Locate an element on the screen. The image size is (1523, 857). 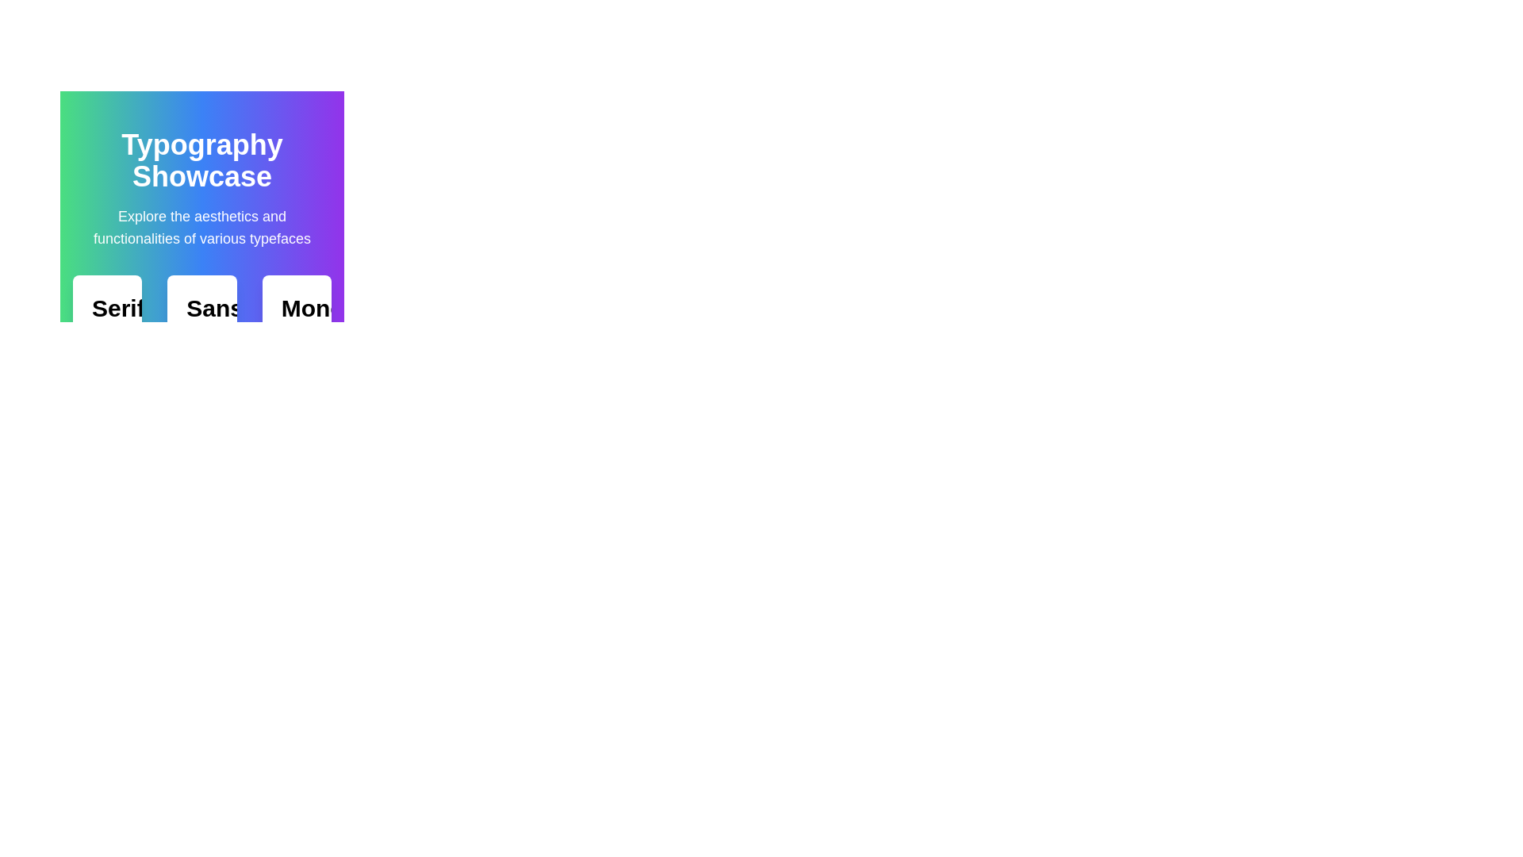
displayed text of the Header text group that contains 'Typography Showcase' and its description 'Explore the aesthetics and functionalities of various typefaces.' is located at coordinates (201, 189).